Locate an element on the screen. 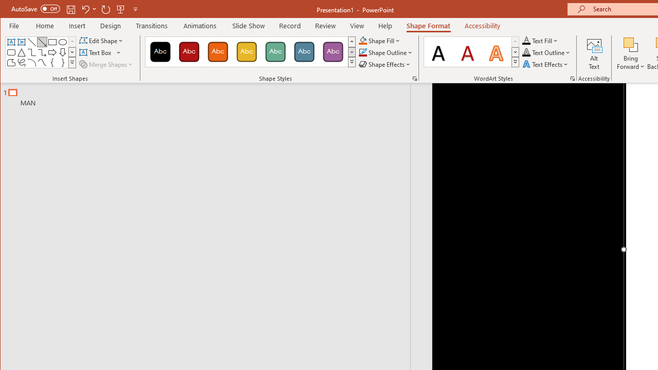  'Text Box' is located at coordinates (100, 52).